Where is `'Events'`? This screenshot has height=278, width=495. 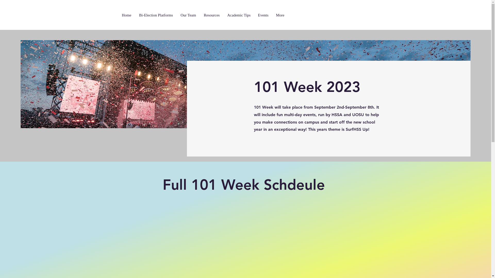
'Events' is located at coordinates (255, 15).